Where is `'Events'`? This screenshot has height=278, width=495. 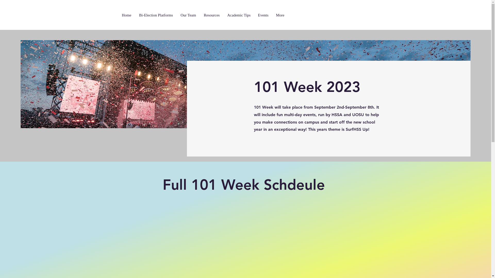
'Events' is located at coordinates (255, 15).